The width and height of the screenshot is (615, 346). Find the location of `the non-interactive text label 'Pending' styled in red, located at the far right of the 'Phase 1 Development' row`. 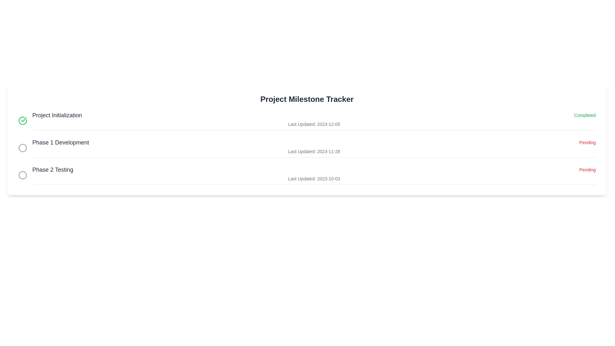

the non-interactive text label 'Pending' styled in red, located at the far right of the 'Phase 1 Development' row is located at coordinates (587, 142).